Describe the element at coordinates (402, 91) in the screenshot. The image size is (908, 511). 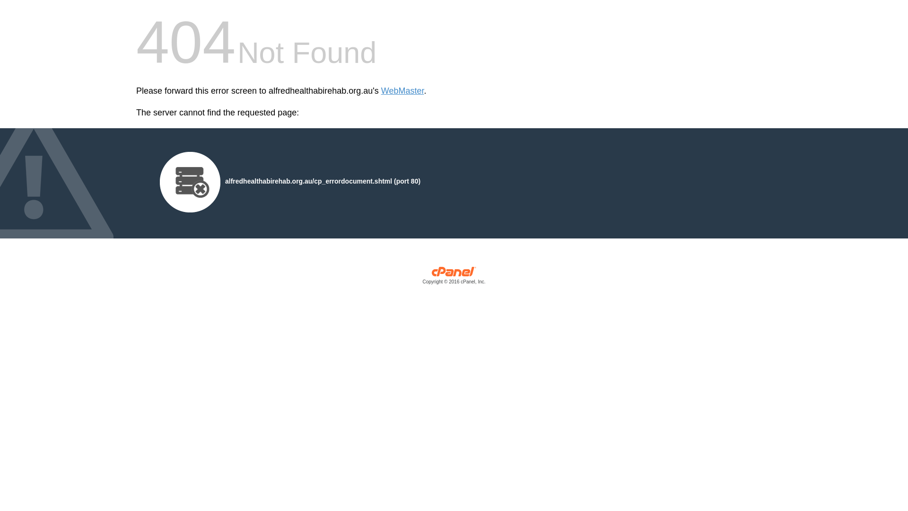
I see `'WebMaster'` at that location.